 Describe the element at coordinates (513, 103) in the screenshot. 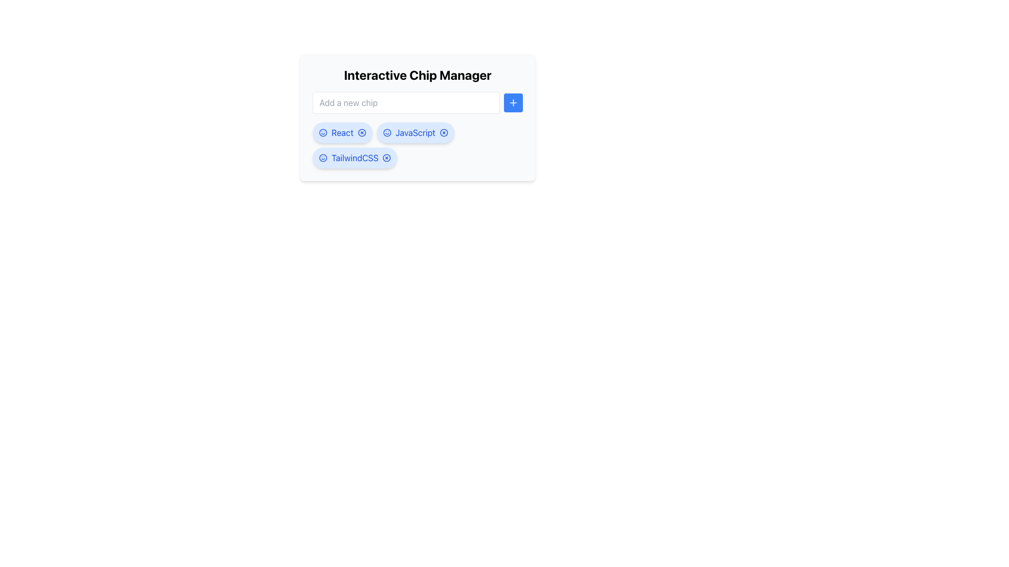

I see `the square blue button with a white plus symbol to change its appearance` at that location.